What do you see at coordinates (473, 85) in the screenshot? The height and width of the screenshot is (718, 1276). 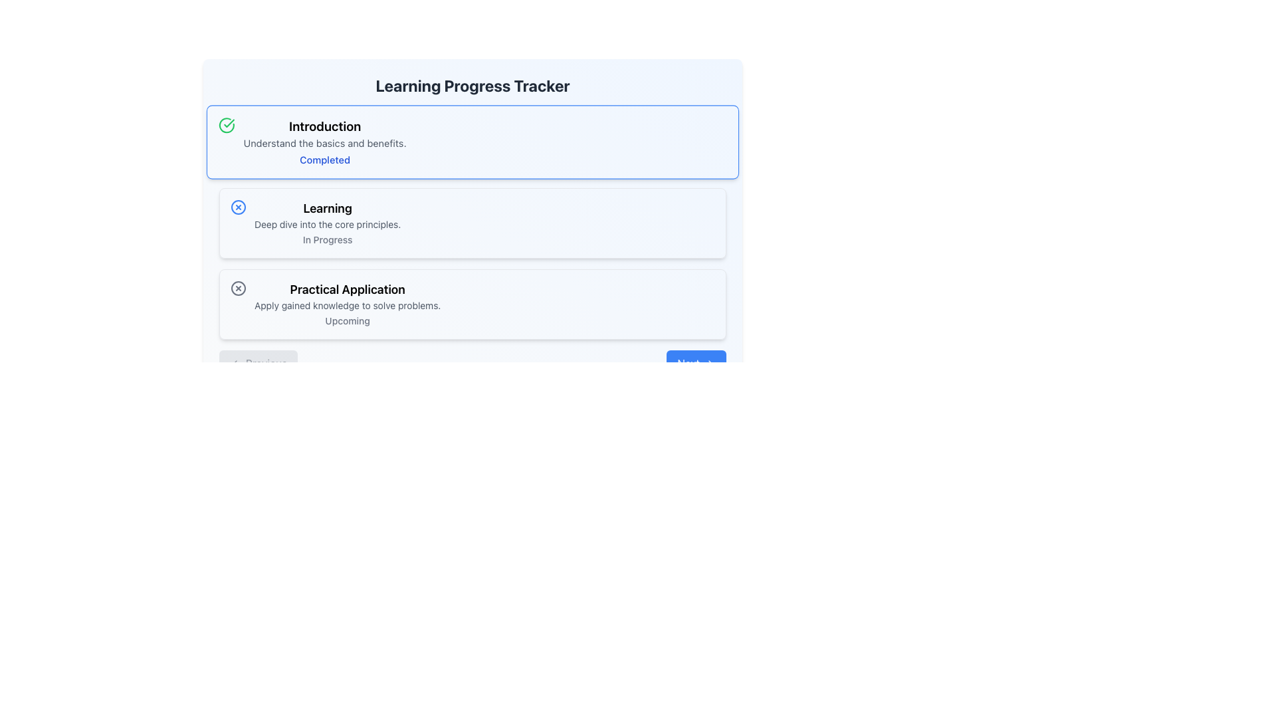 I see `the 'Learning Progress Tracker' header element for accessibility tools by moving the cursor to its center point` at bounding box center [473, 85].